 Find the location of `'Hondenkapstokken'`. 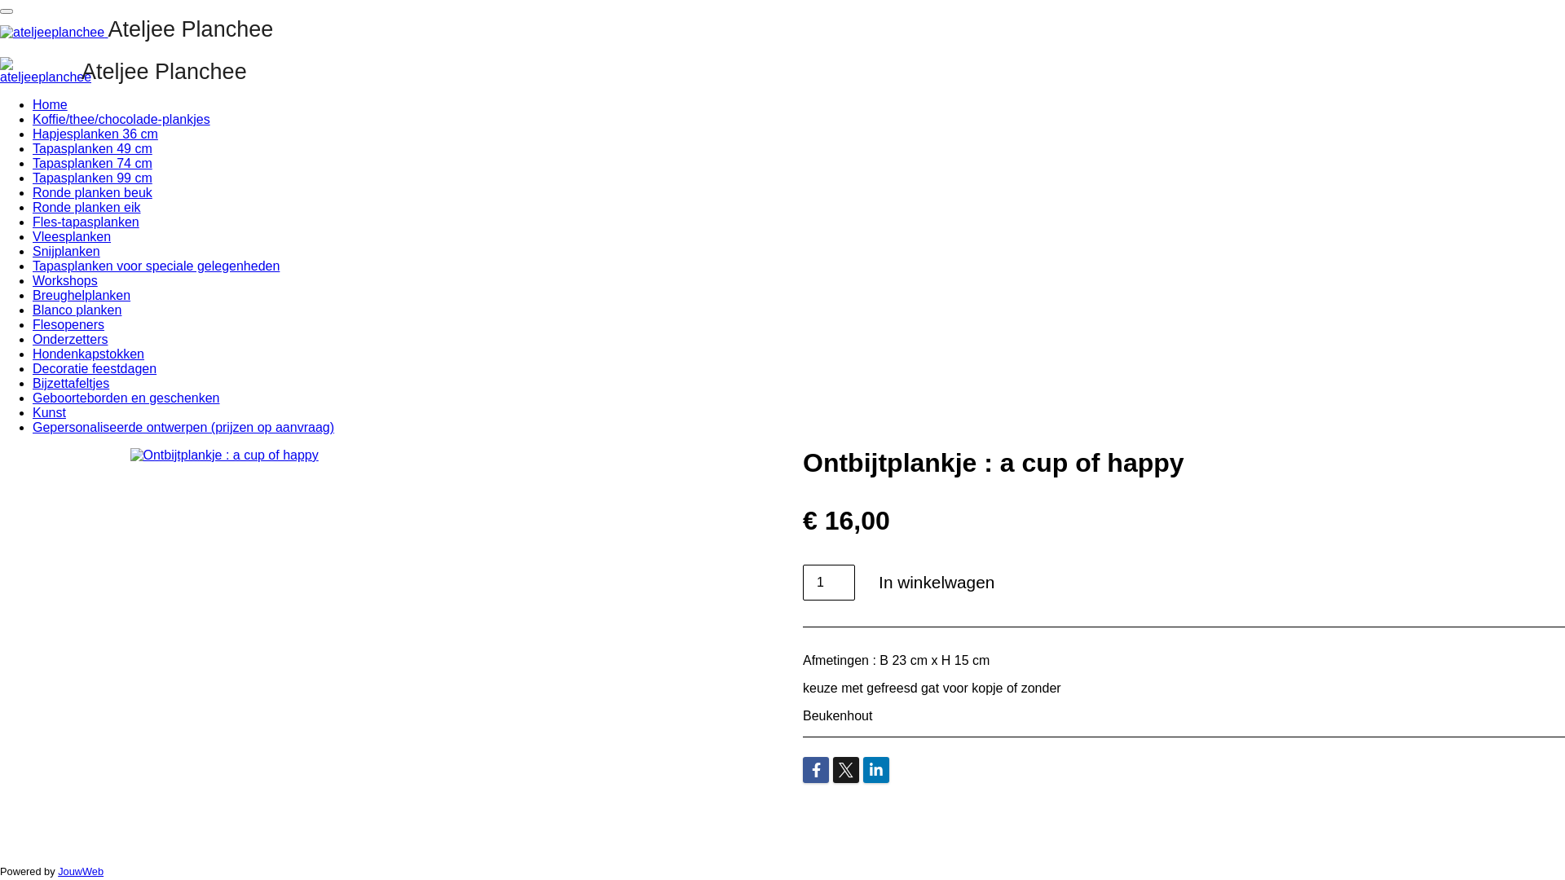

'Hondenkapstokken' is located at coordinates (87, 353).